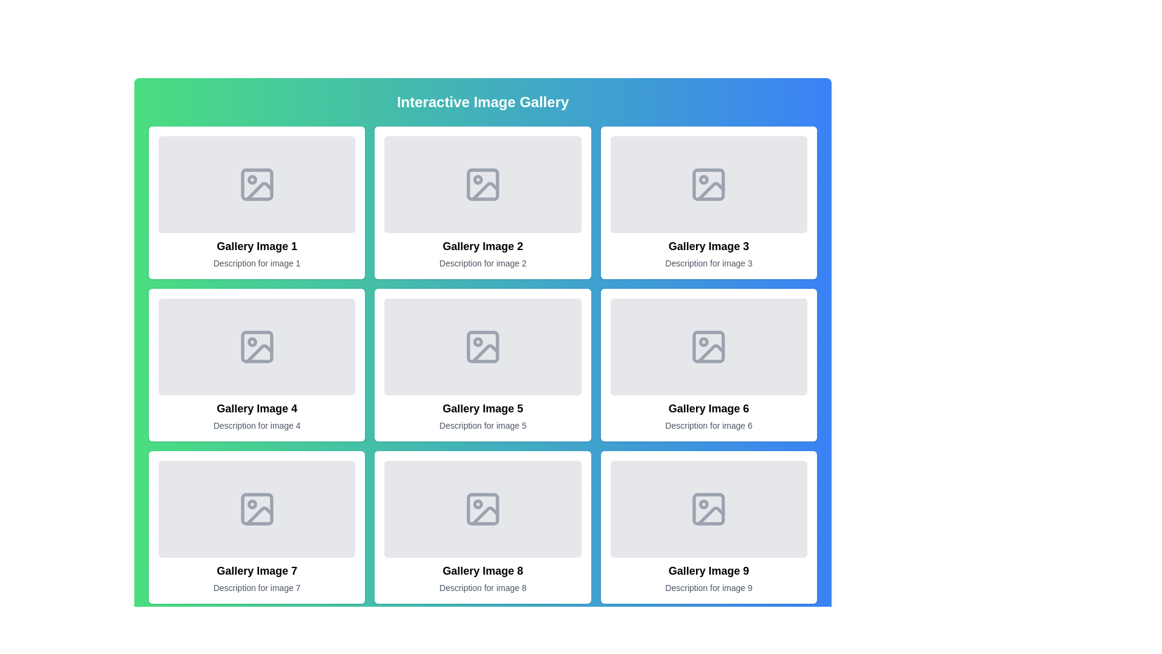  Describe the element at coordinates (709, 263) in the screenshot. I see `text label displaying 'Description for image 3,' which is positioned directly below 'Gallery Image 3' within the third gallery item in the grid layout` at that location.